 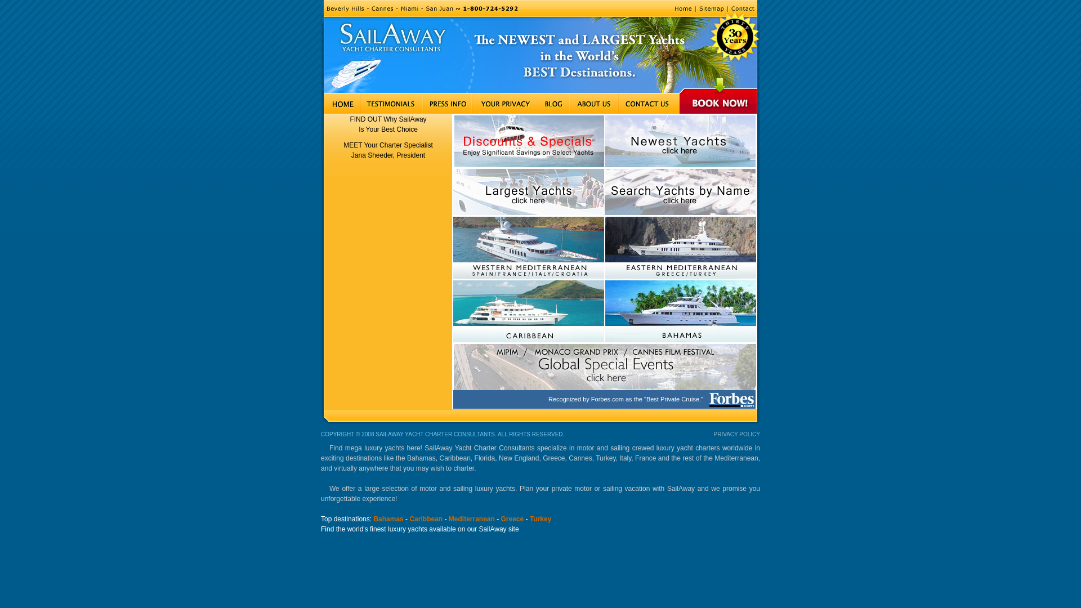 What do you see at coordinates (388, 149) in the screenshot?
I see `'MEET Your Charter Specialist` at bounding box center [388, 149].